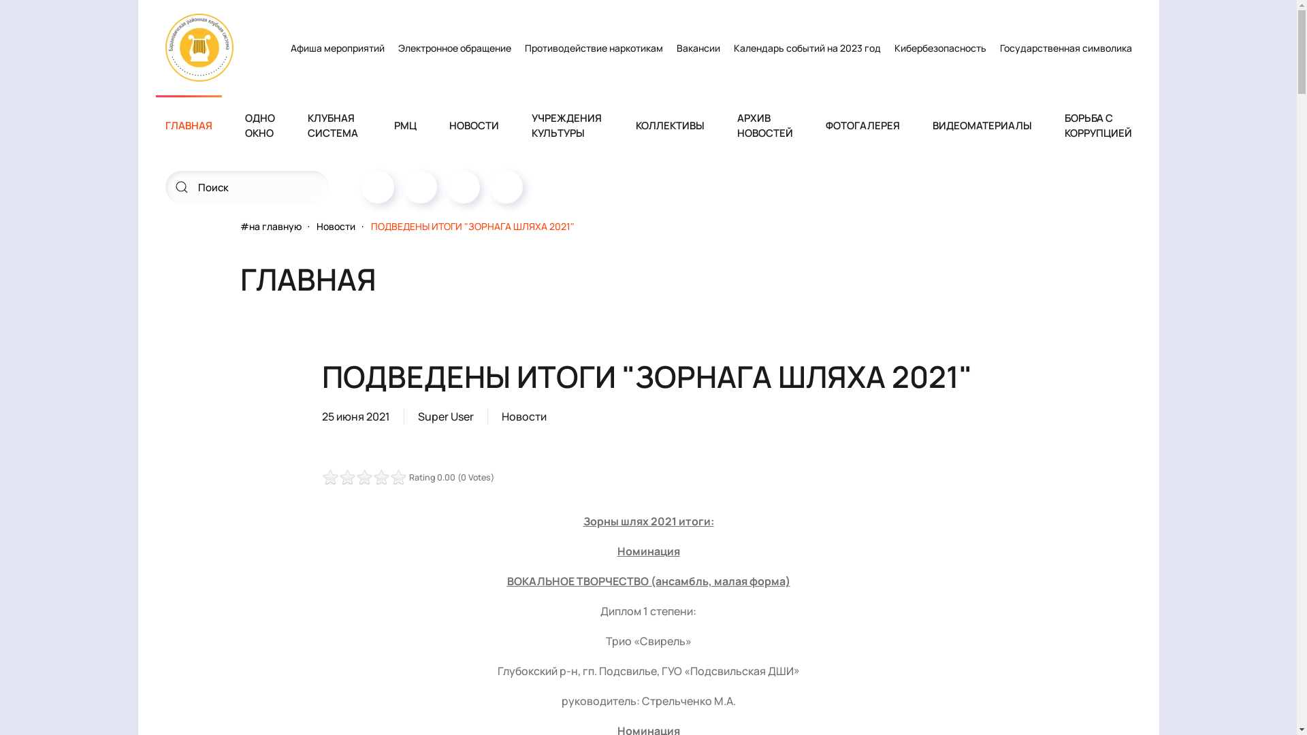 The image size is (1307, 735). I want to click on '1', so click(346, 476).